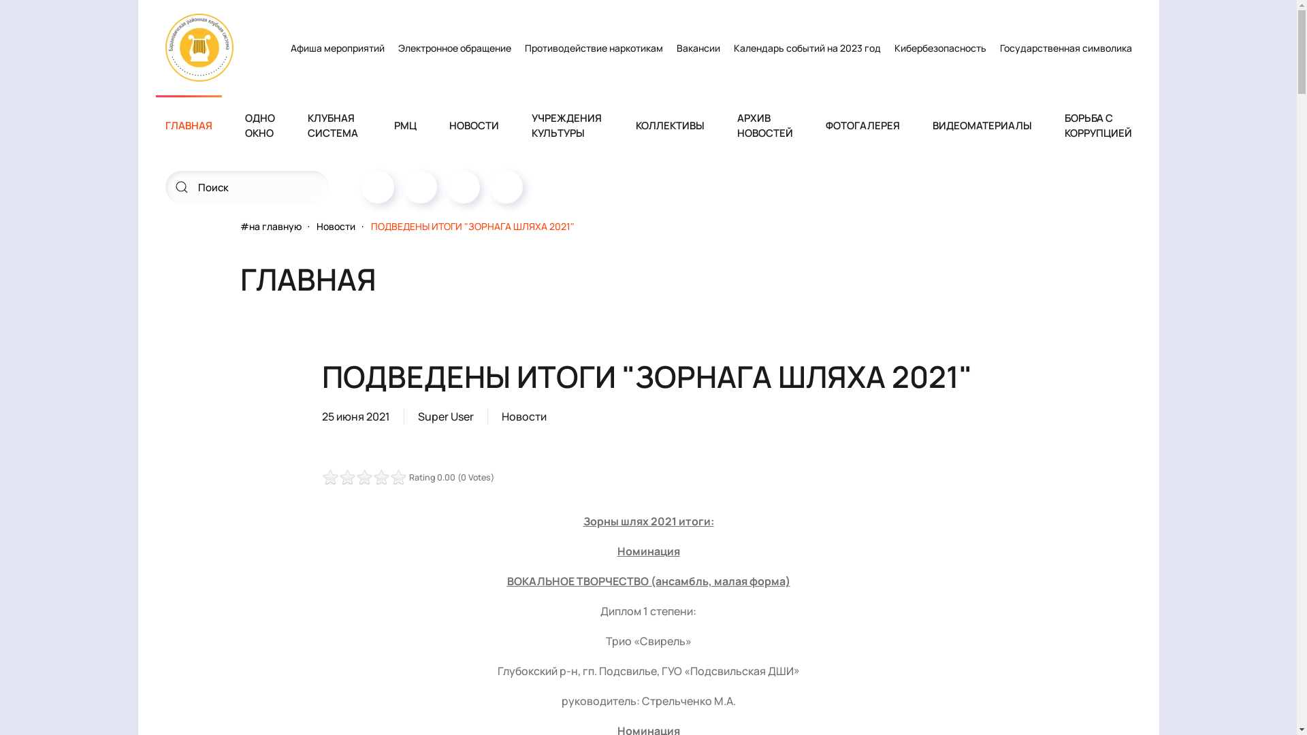 The image size is (1307, 735). I want to click on '1', so click(346, 476).